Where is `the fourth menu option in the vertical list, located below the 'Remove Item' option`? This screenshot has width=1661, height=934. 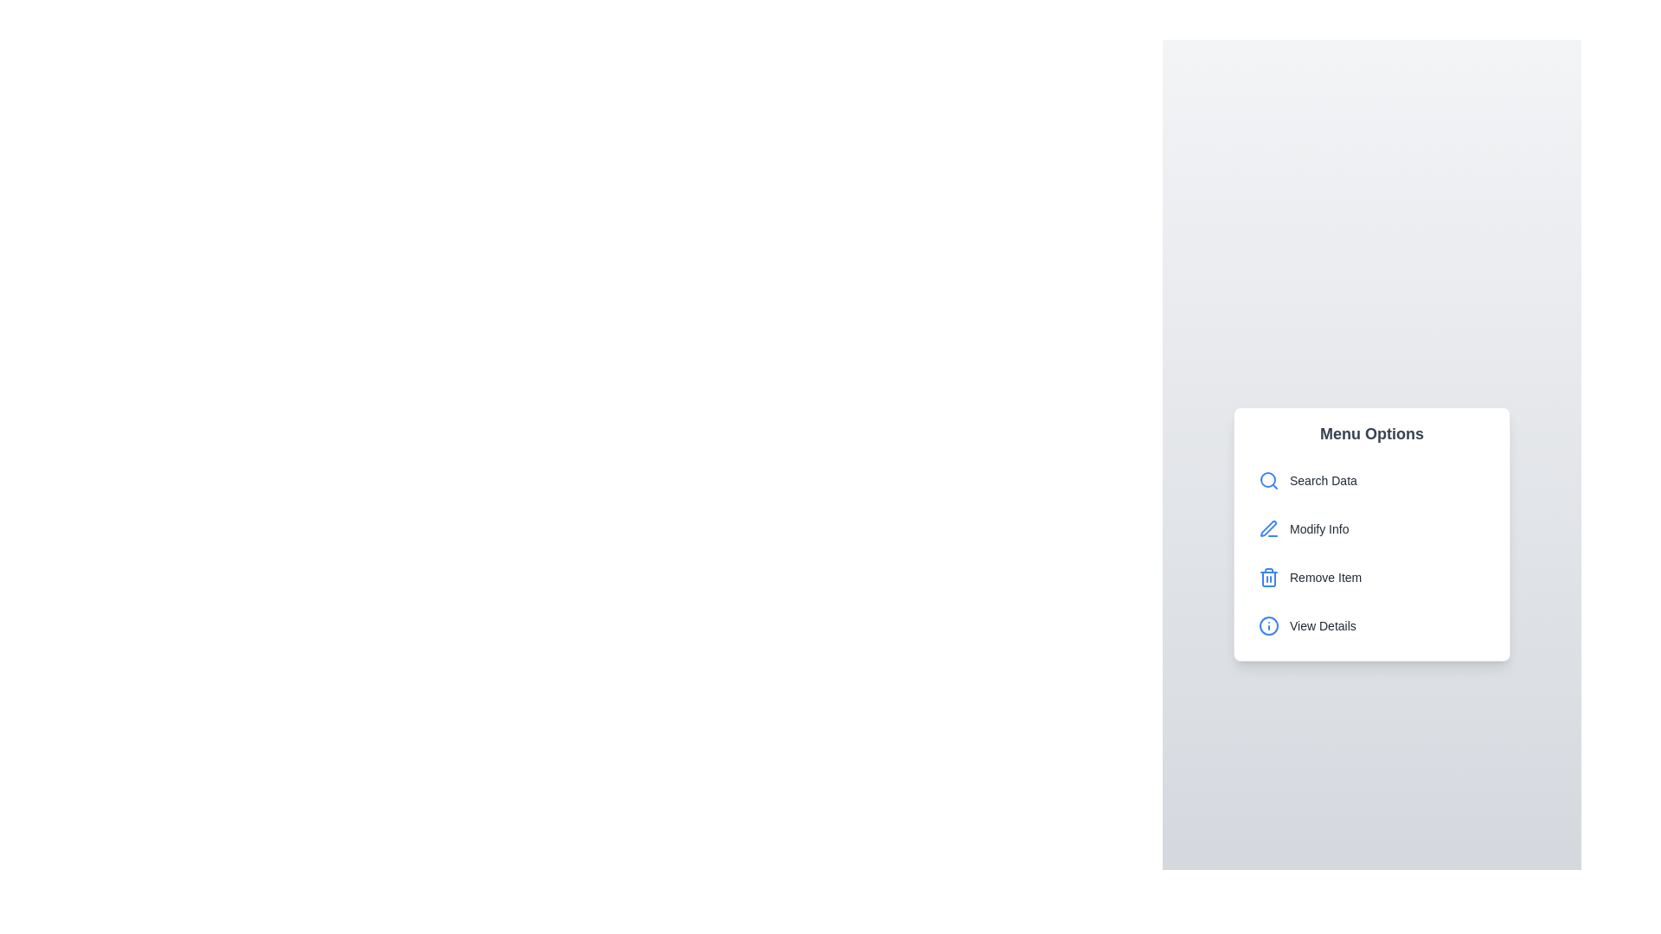 the fourth menu option in the vertical list, located below the 'Remove Item' option is located at coordinates (1370, 626).